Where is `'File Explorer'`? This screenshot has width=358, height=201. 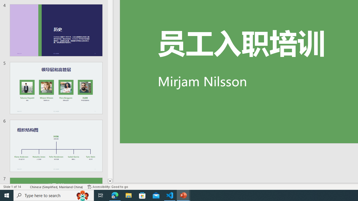 'File Explorer' is located at coordinates (128, 195).